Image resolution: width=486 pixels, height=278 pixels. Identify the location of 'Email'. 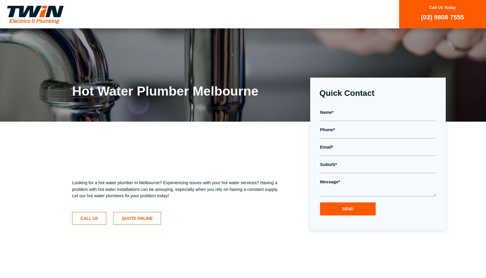
(326, 147).